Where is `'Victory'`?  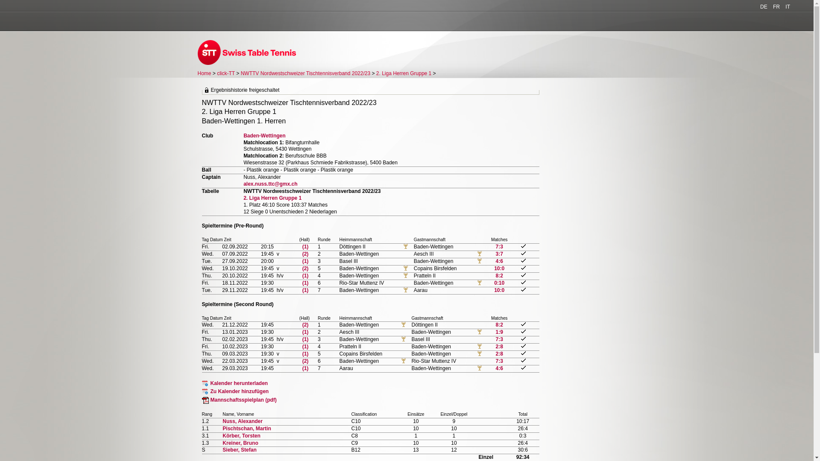 'Victory' is located at coordinates (405, 268).